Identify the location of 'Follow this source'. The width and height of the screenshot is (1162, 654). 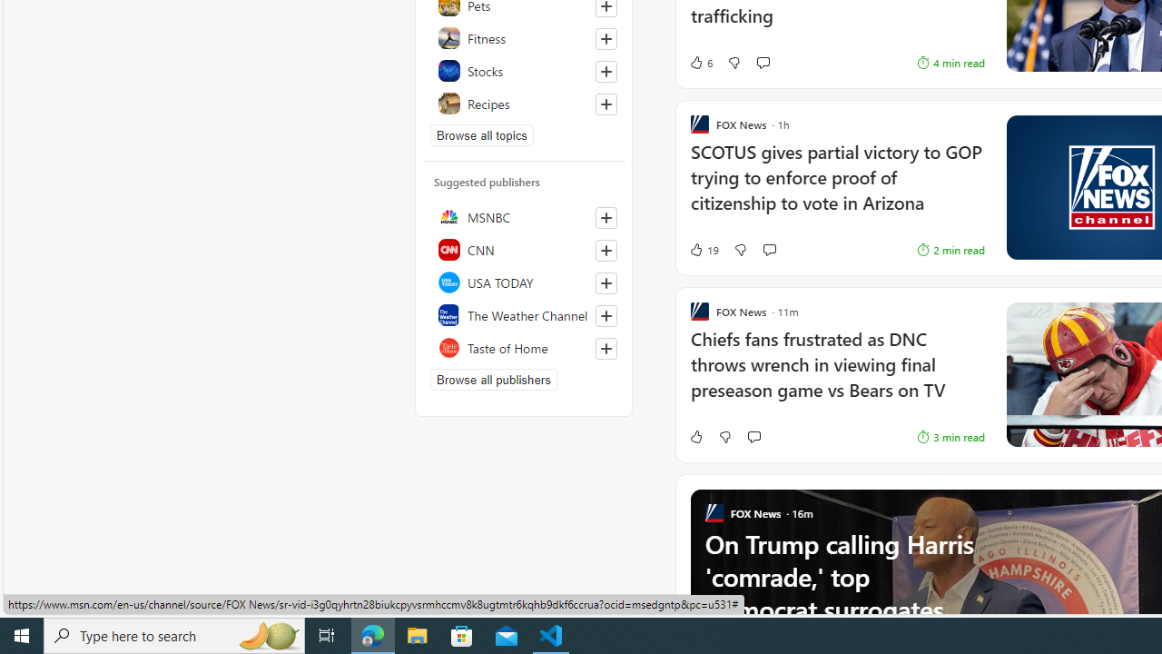
(606, 349).